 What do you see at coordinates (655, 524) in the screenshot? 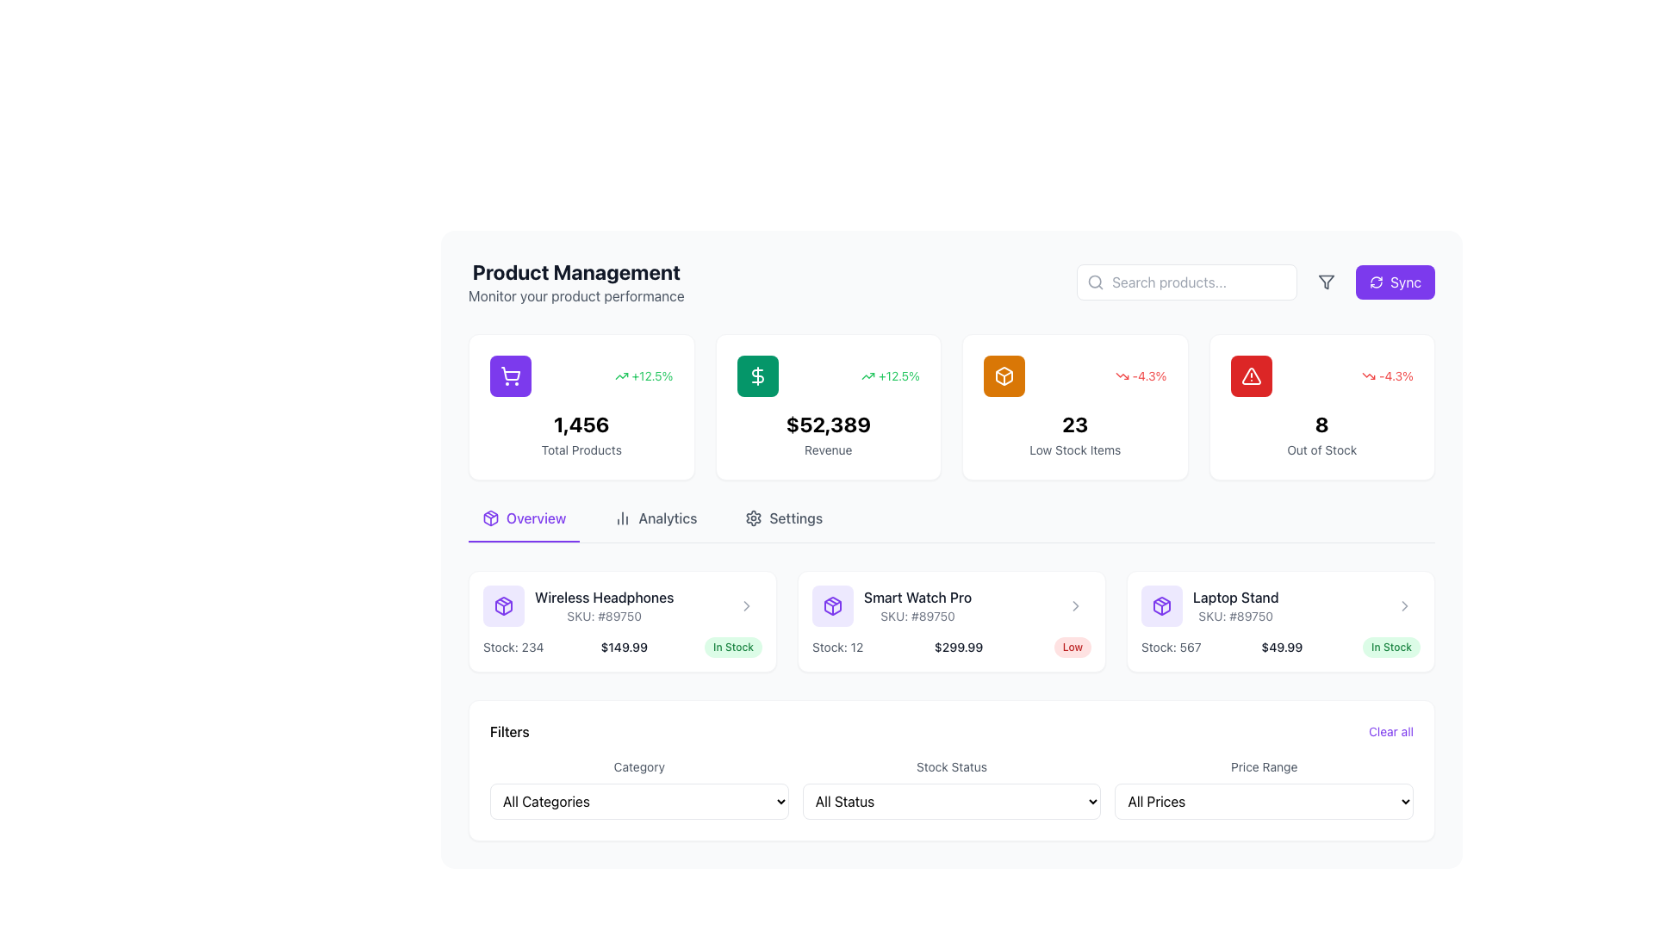
I see `the 'Analytics' button in the navigation bar to trigger a visual response` at bounding box center [655, 524].